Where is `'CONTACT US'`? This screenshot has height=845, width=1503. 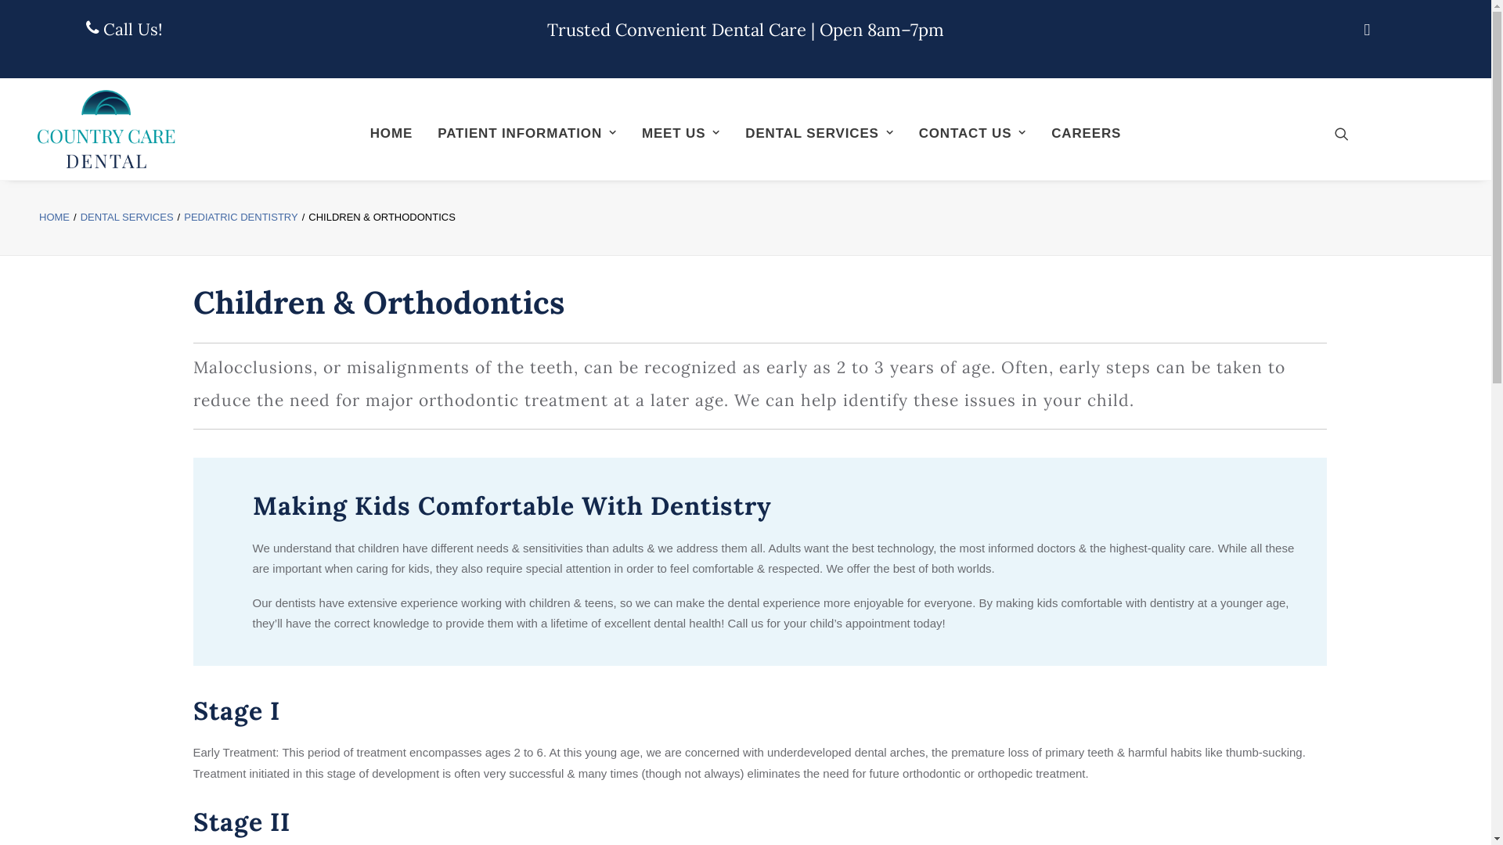
'CONTACT US' is located at coordinates (971, 131).